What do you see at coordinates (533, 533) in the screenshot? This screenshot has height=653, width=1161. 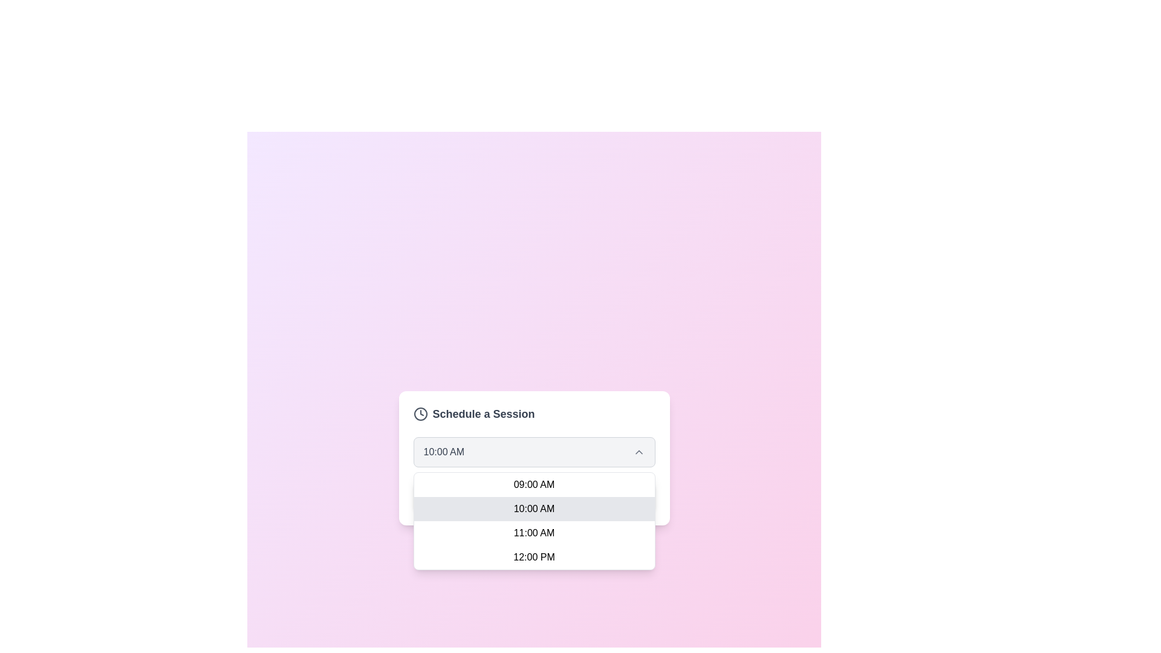 I see `the third item in the scheduling dropdown menu` at bounding box center [533, 533].